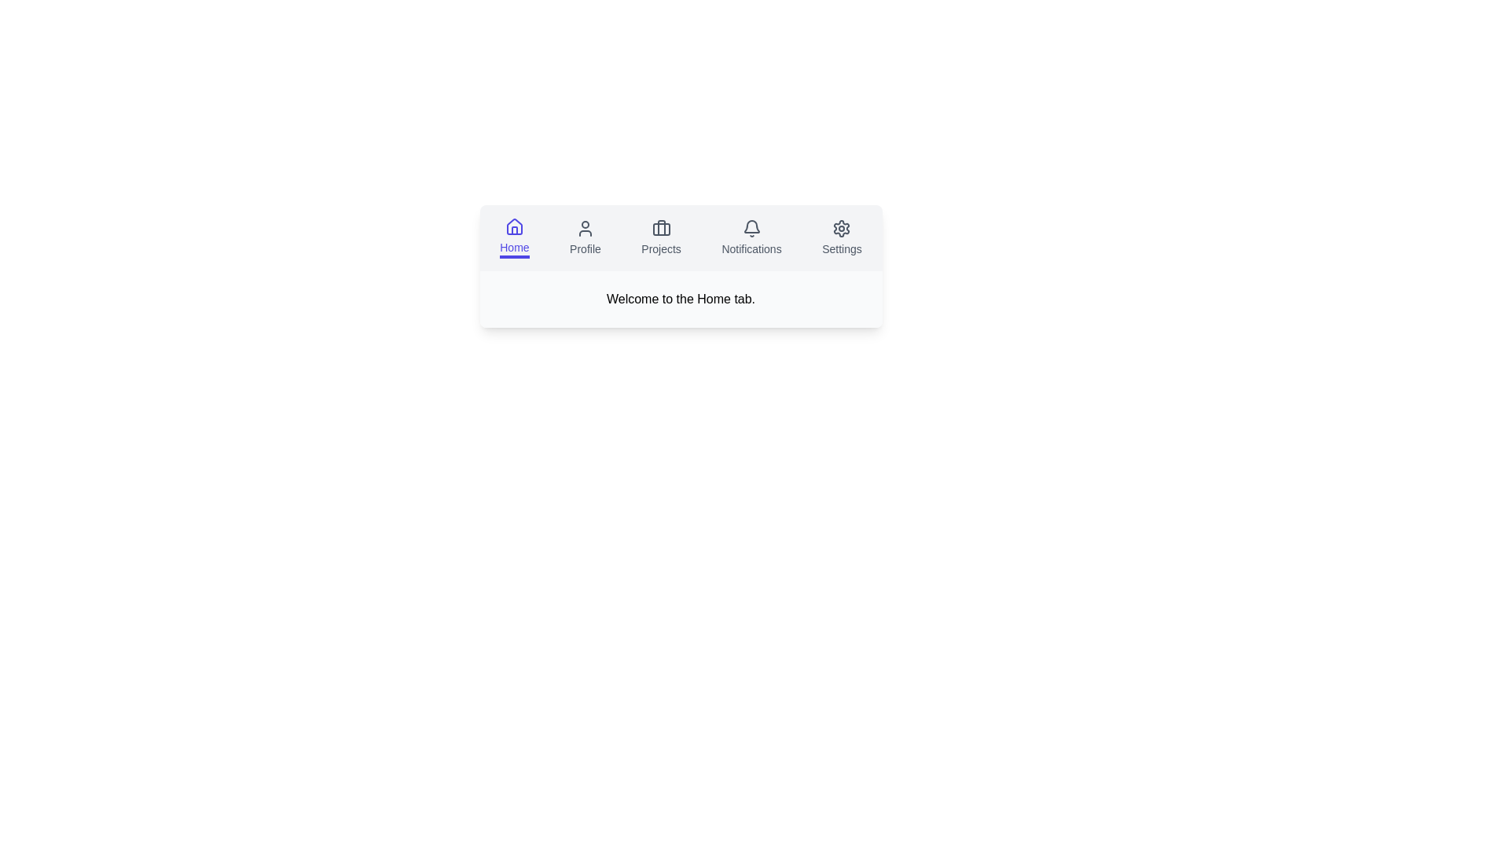 This screenshot has width=1509, height=849. I want to click on the bell-shaped notifications icon in the horizontal navigation bar, so click(751, 228).